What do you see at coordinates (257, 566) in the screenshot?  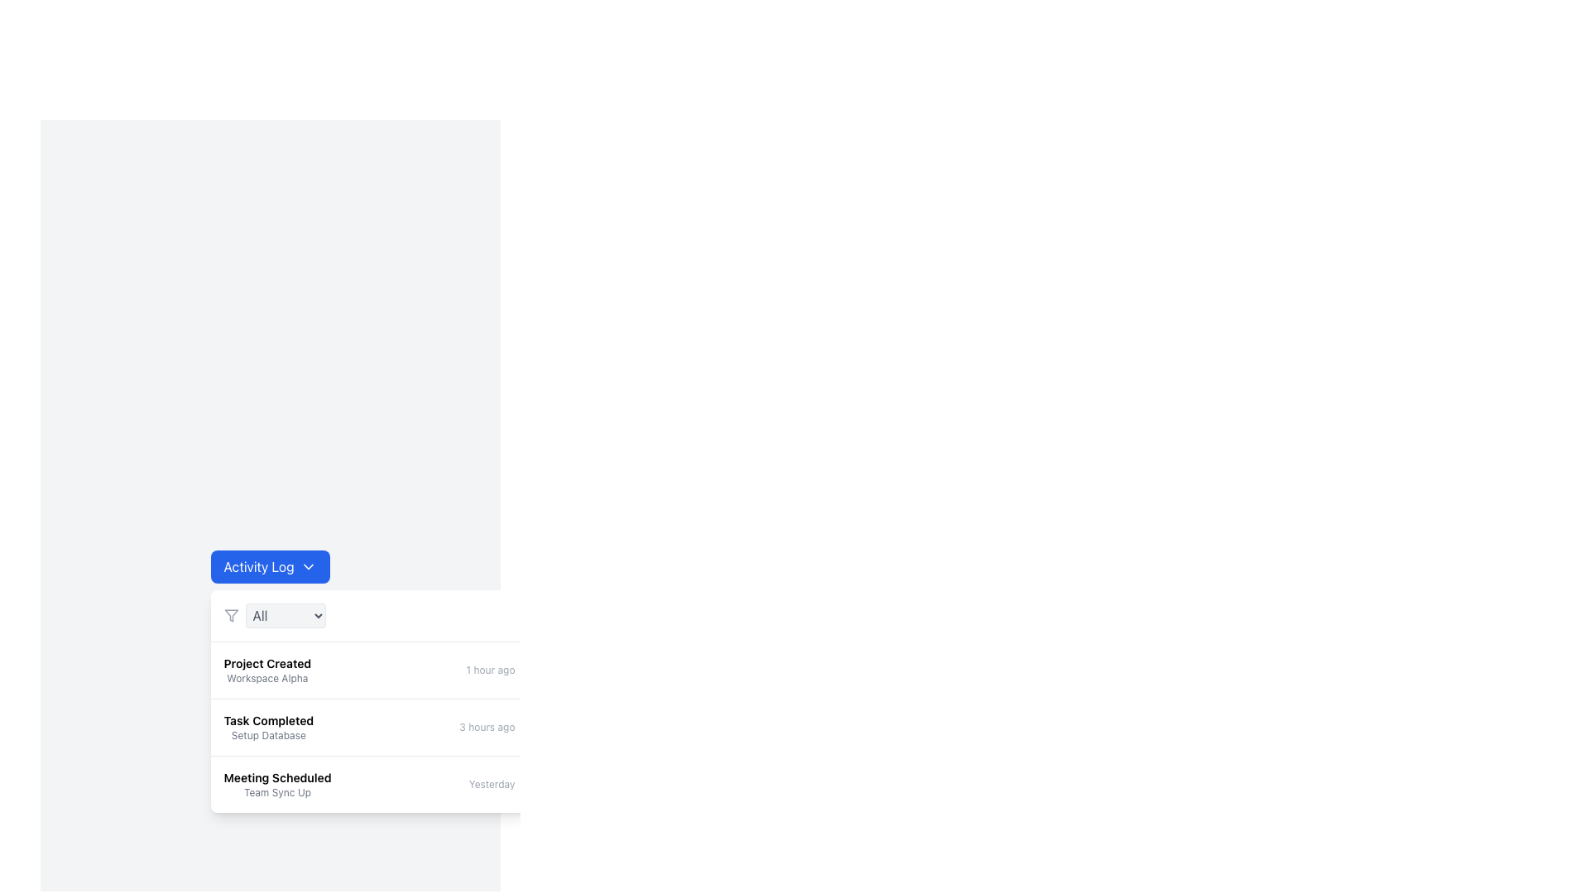 I see `the 'Activity Log' text label which is displayed in white on a blue button, located in the lower central area of the interface, next to a chevron-down icon` at bounding box center [257, 566].